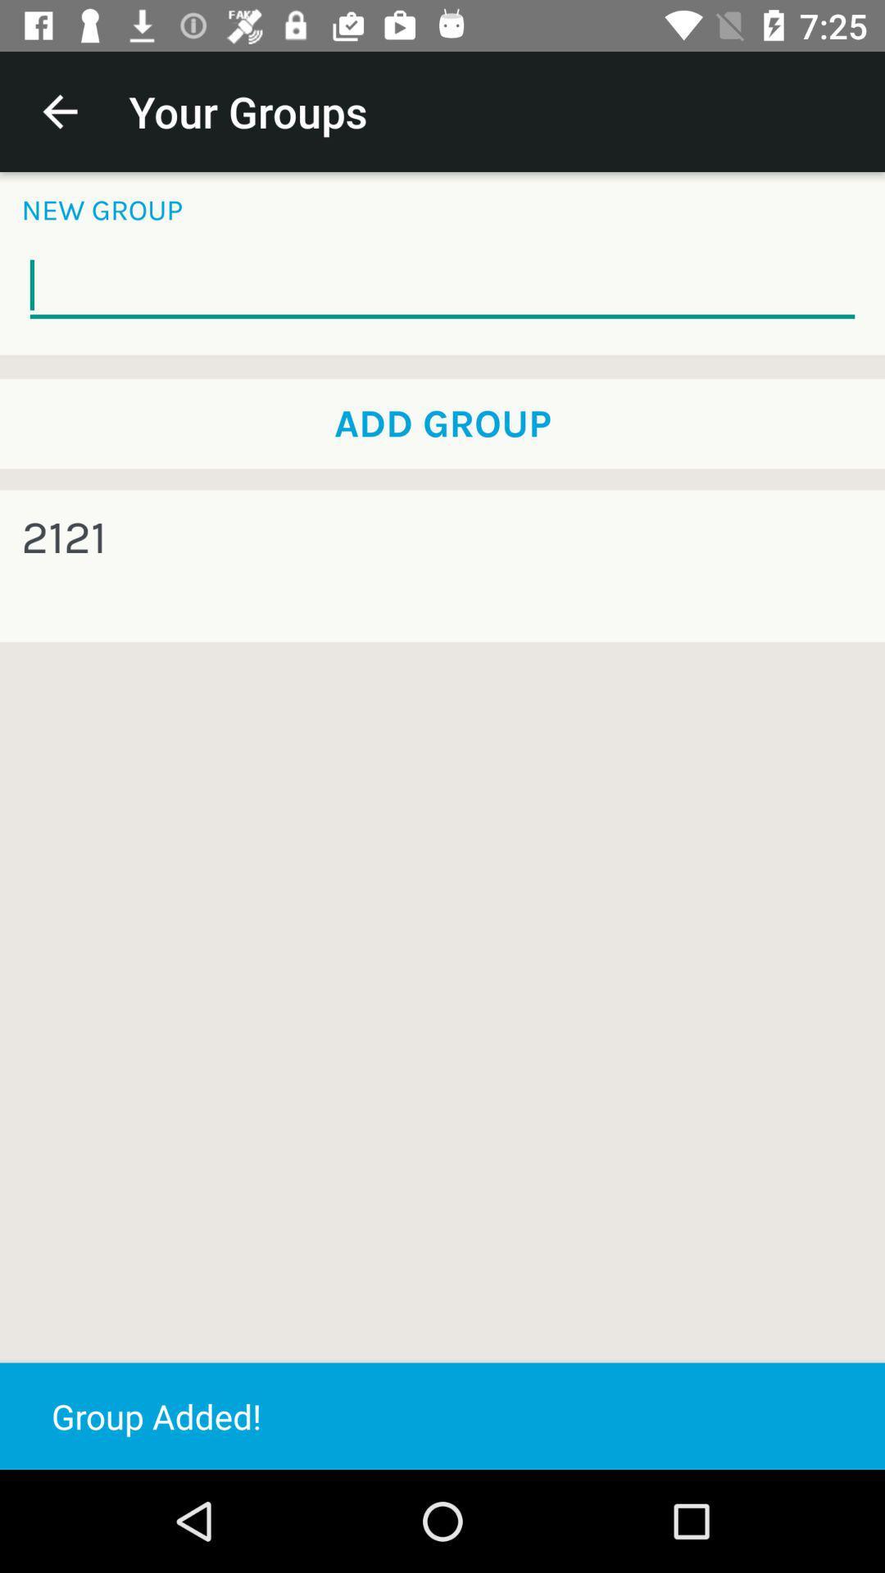 Image resolution: width=885 pixels, height=1573 pixels. Describe the element at coordinates (59, 111) in the screenshot. I see `item above the new group icon` at that location.